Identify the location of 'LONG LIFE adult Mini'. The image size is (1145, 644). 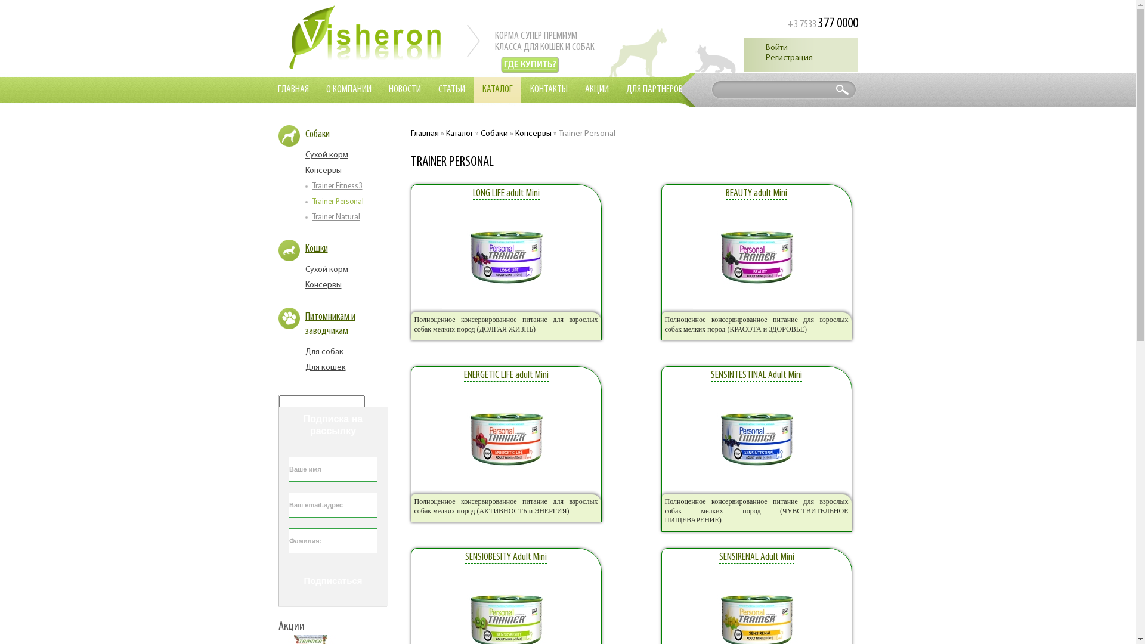
(506, 193).